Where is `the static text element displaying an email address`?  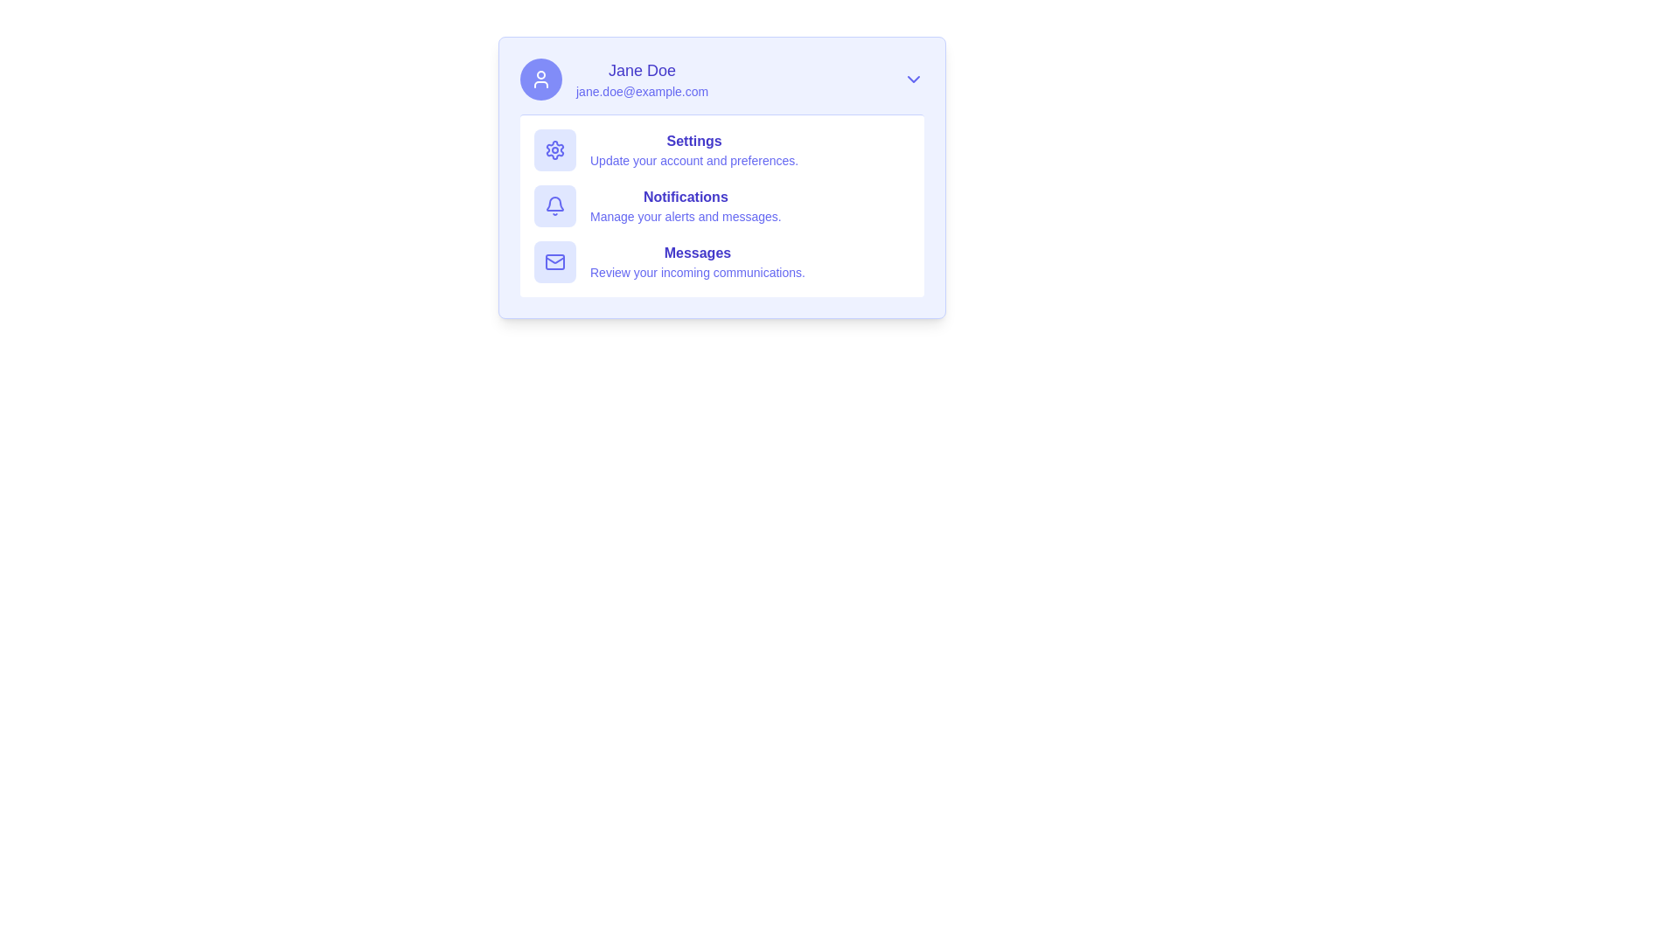
the static text element displaying an email address is located at coordinates (641, 91).